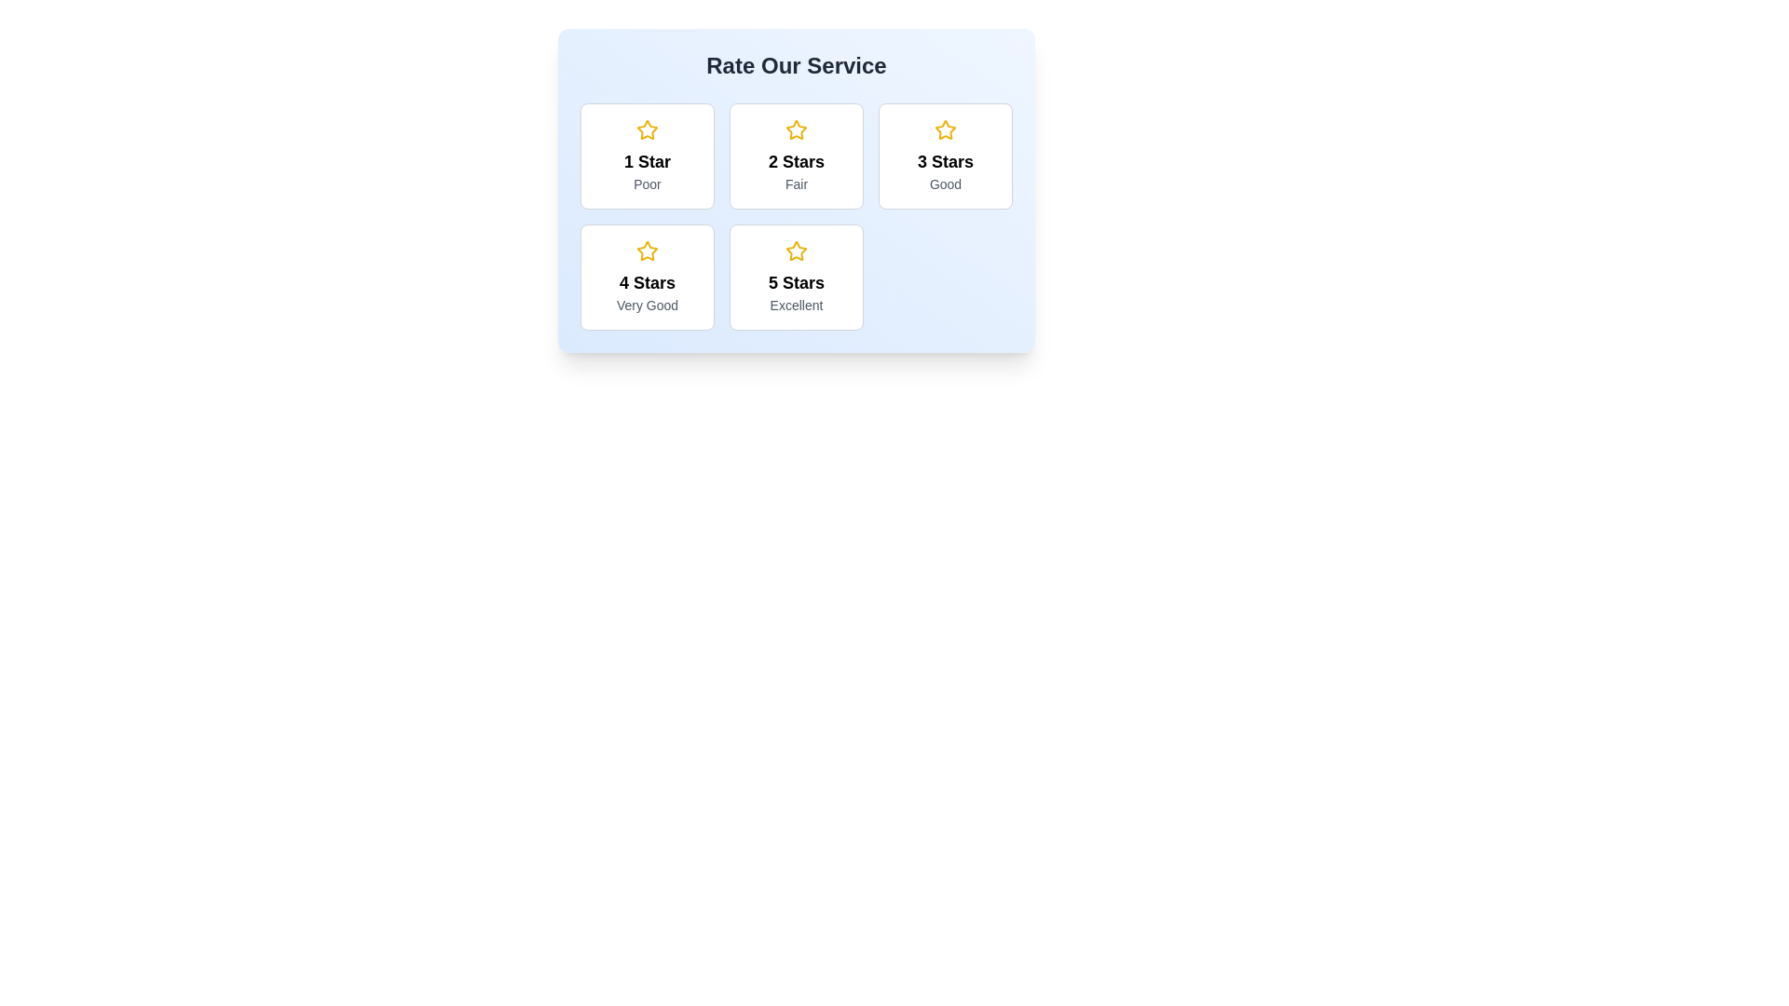 The image size is (1789, 1006). What do you see at coordinates (648, 283) in the screenshot?
I see `the bold '4 Stars' text label within the rating options section` at bounding box center [648, 283].